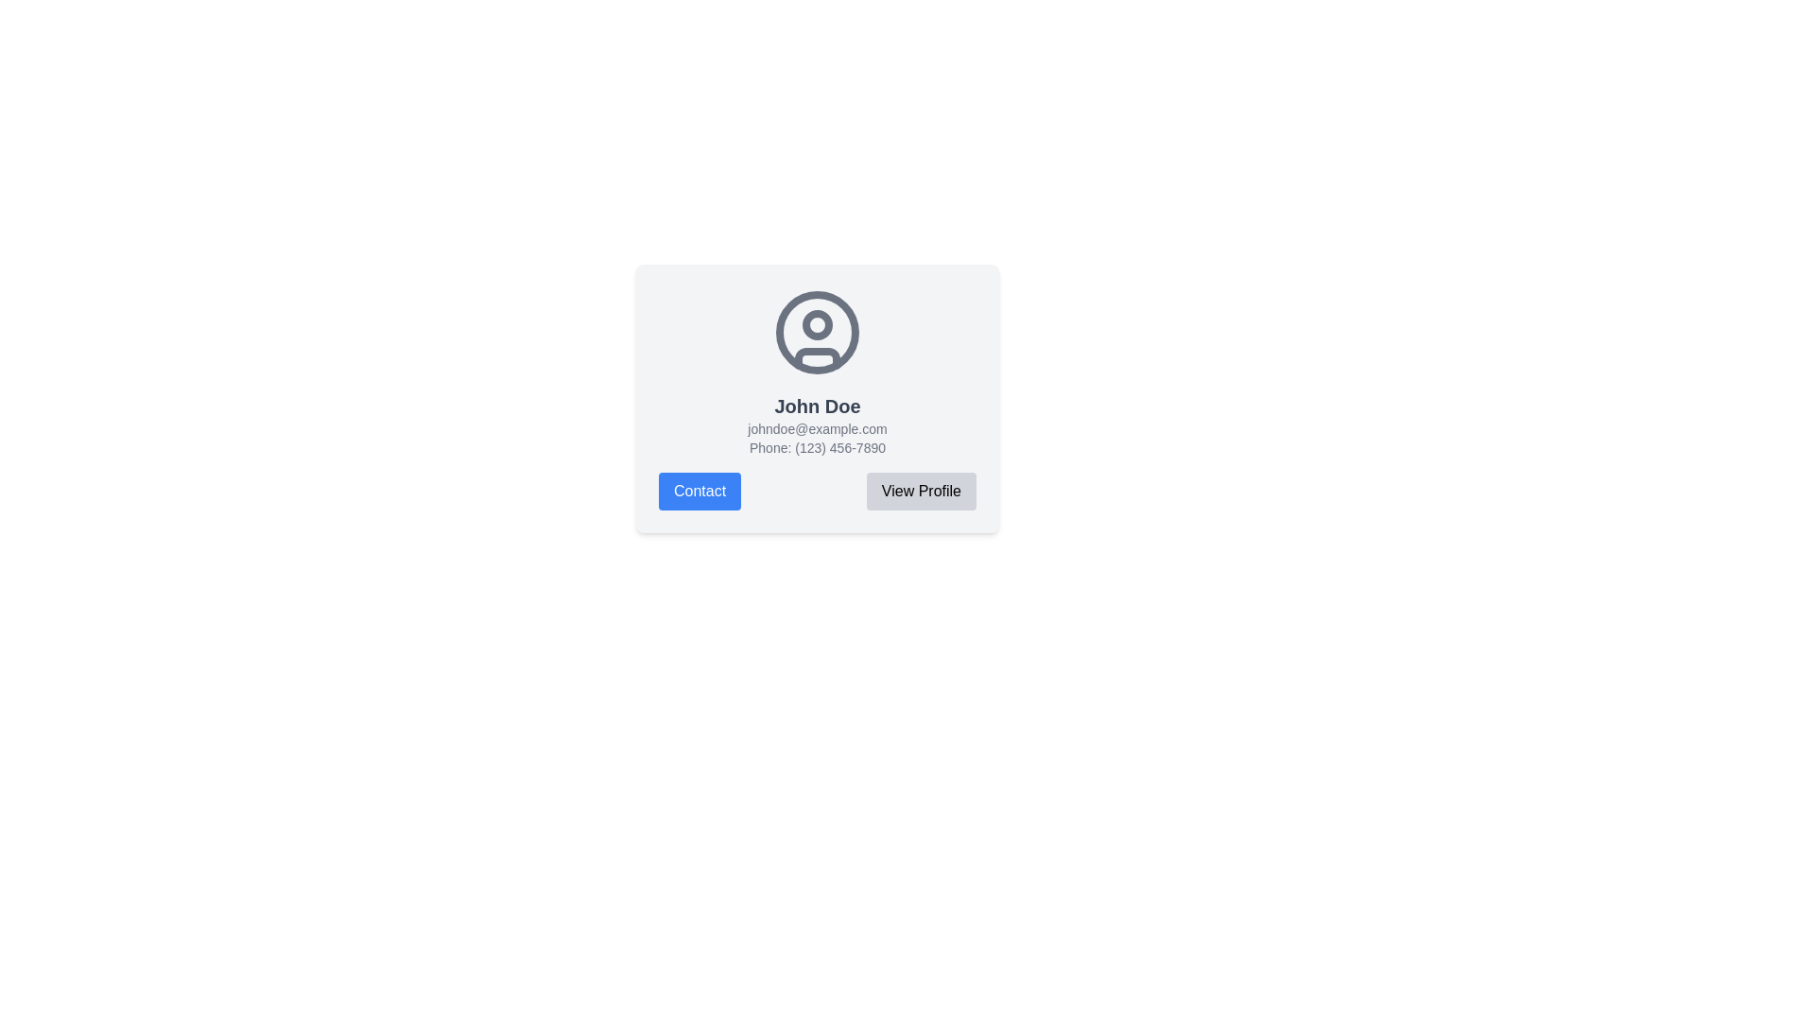 Image resolution: width=1815 pixels, height=1021 pixels. I want to click on the text element displaying 'johndoe@example.com', which is in a smaller gray font and positioned between the name 'John Doe' and the phone number 'Phone: (123) 456-7890', so click(817, 429).